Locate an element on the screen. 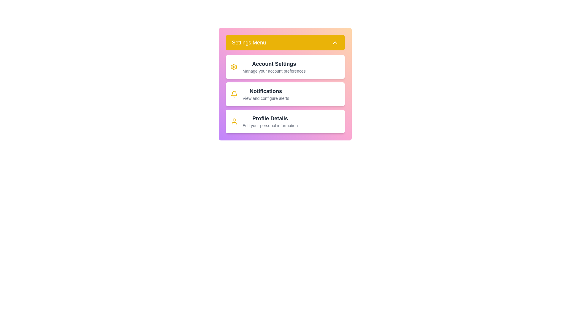  the 'Account Settings' button to open the account settings page is located at coordinates (285, 67).